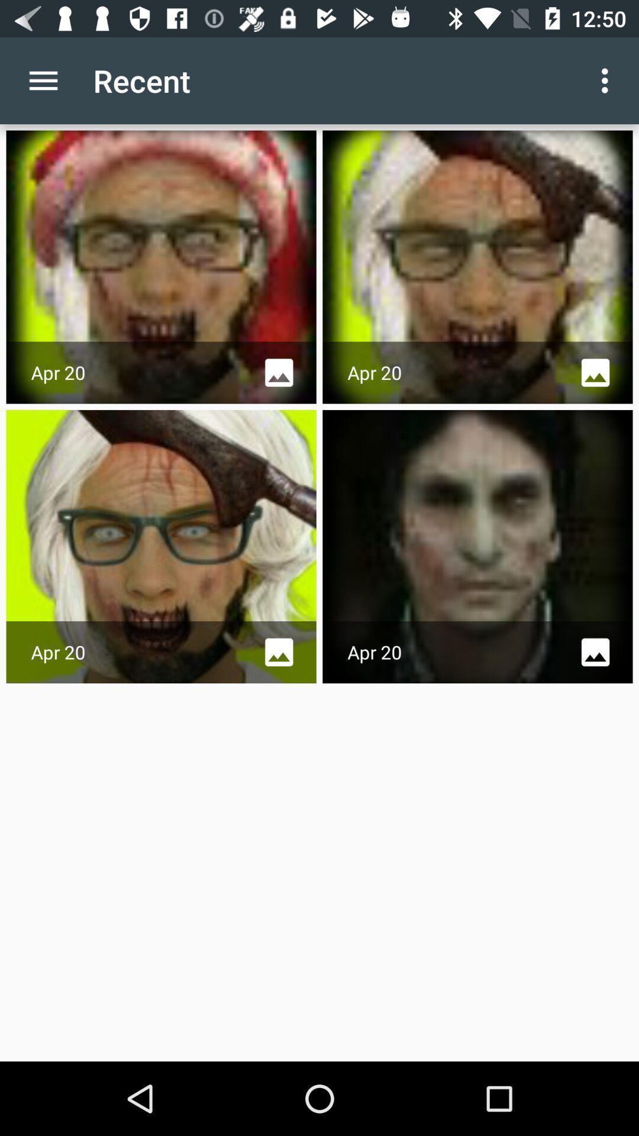 This screenshot has width=639, height=1136. What do you see at coordinates (43, 80) in the screenshot?
I see `the icon to the left of recent item` at bounding box center [43, 80].